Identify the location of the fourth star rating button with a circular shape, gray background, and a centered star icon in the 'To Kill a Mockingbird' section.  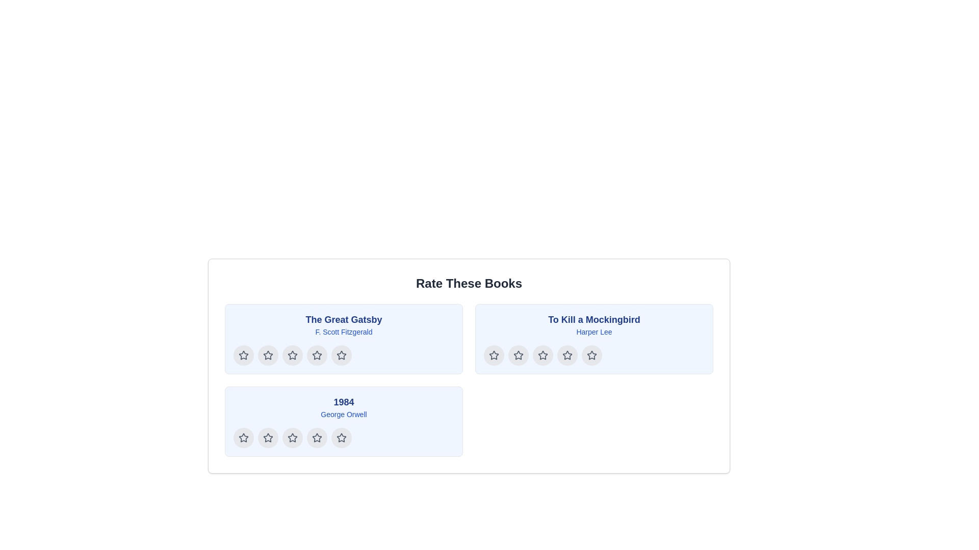
(567, 355).